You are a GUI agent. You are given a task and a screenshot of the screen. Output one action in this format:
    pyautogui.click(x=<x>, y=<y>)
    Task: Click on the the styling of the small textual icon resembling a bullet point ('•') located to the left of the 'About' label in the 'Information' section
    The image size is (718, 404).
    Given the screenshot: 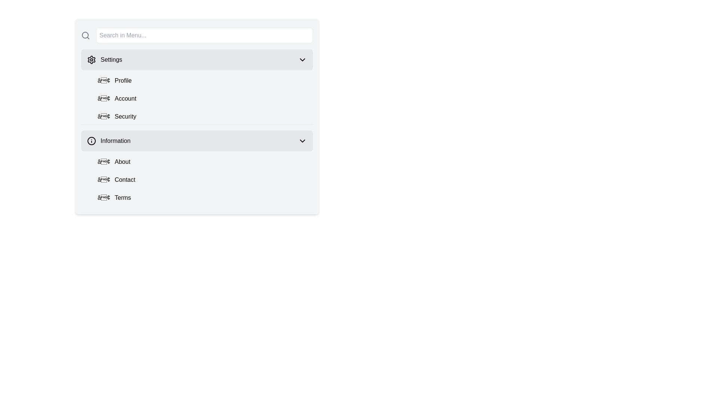 What is the action you would take?
    pyautogui.click(x=103, y=161)
    